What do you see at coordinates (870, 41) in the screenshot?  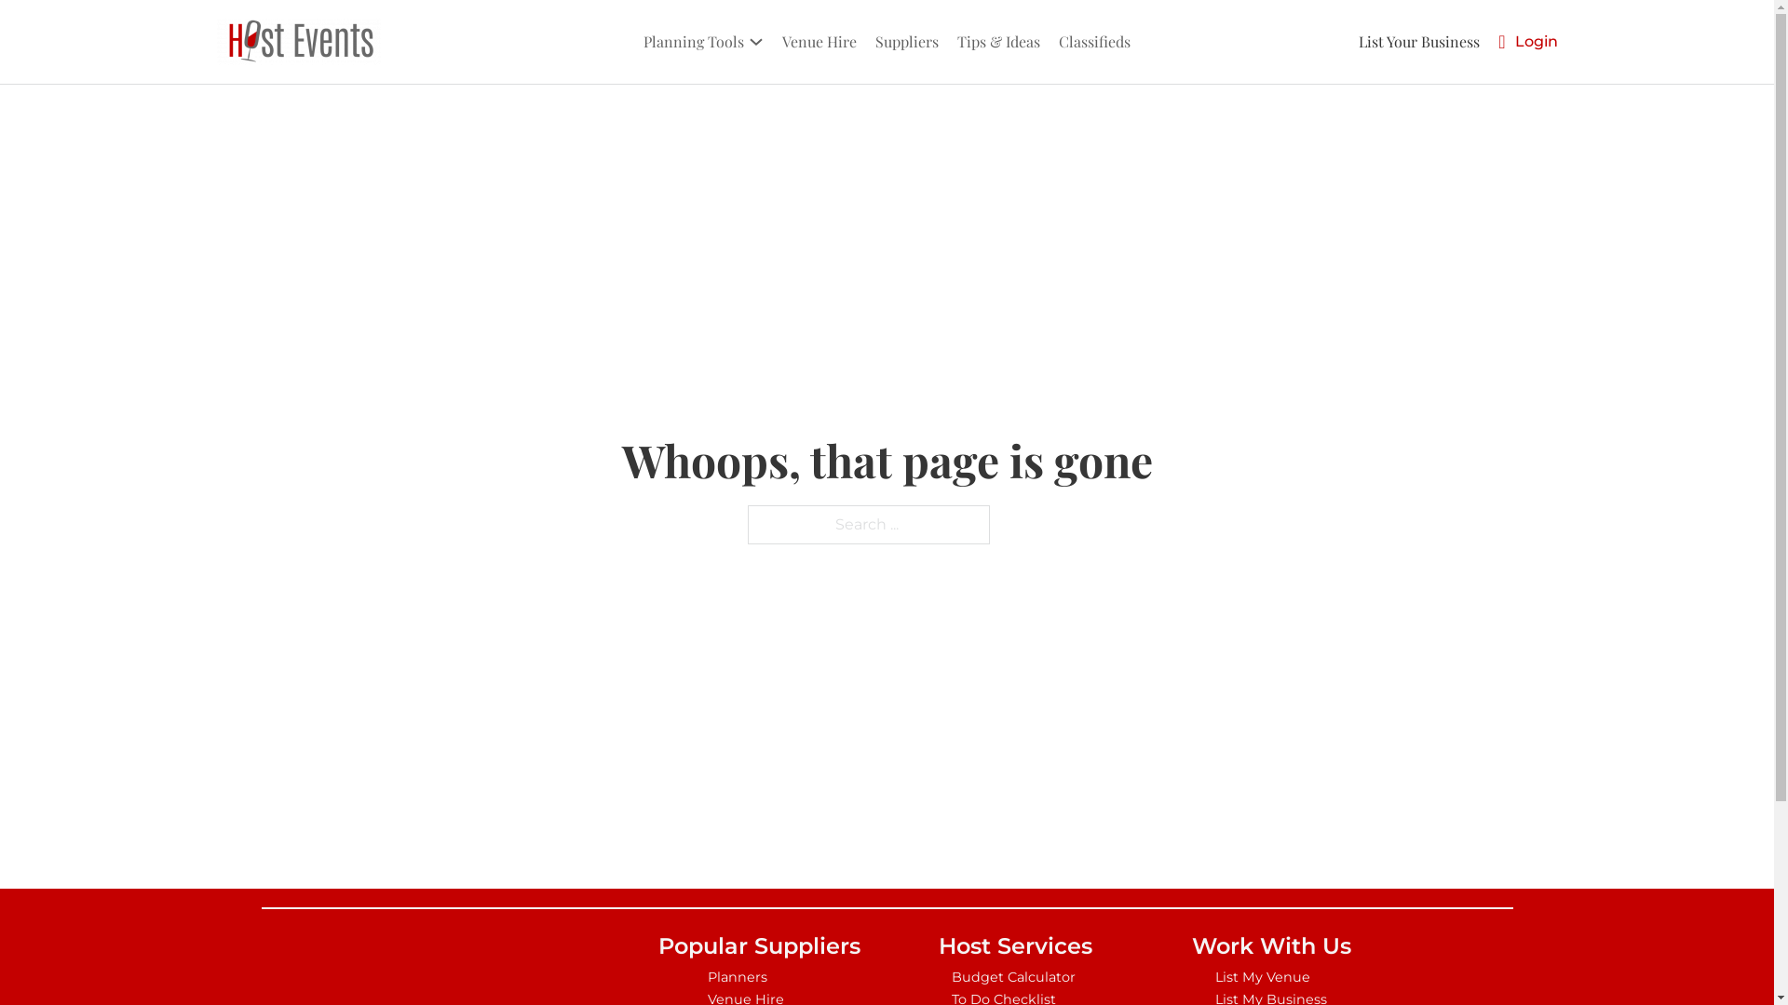 I see `'Suppliers'` at bounding box center [870, 41].